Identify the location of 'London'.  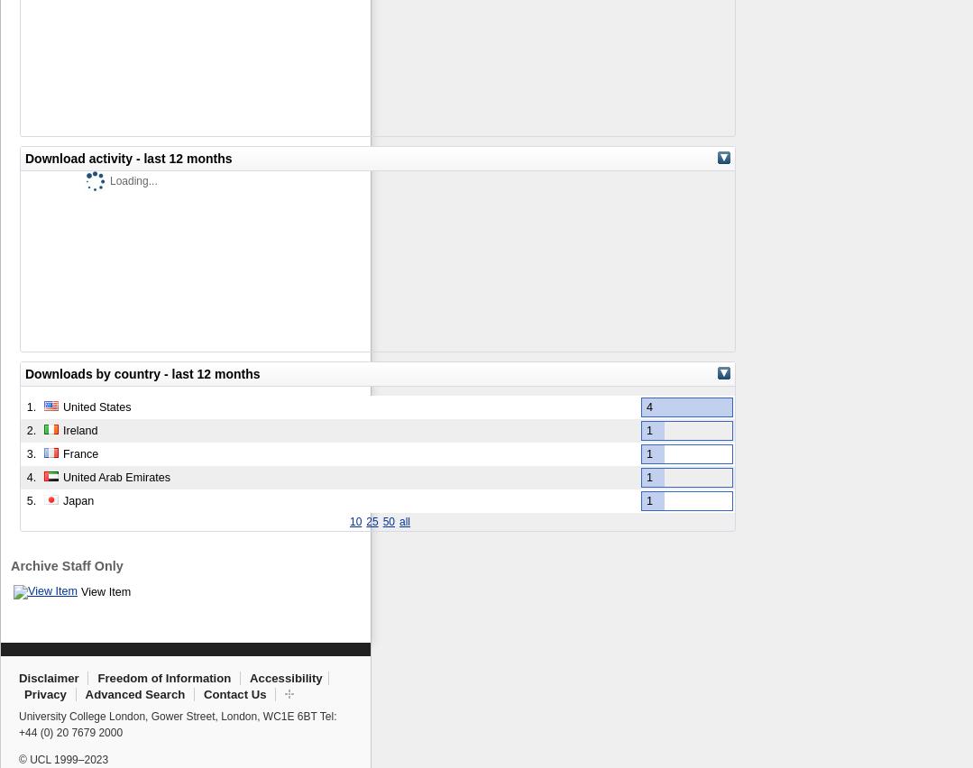
(220, 714).